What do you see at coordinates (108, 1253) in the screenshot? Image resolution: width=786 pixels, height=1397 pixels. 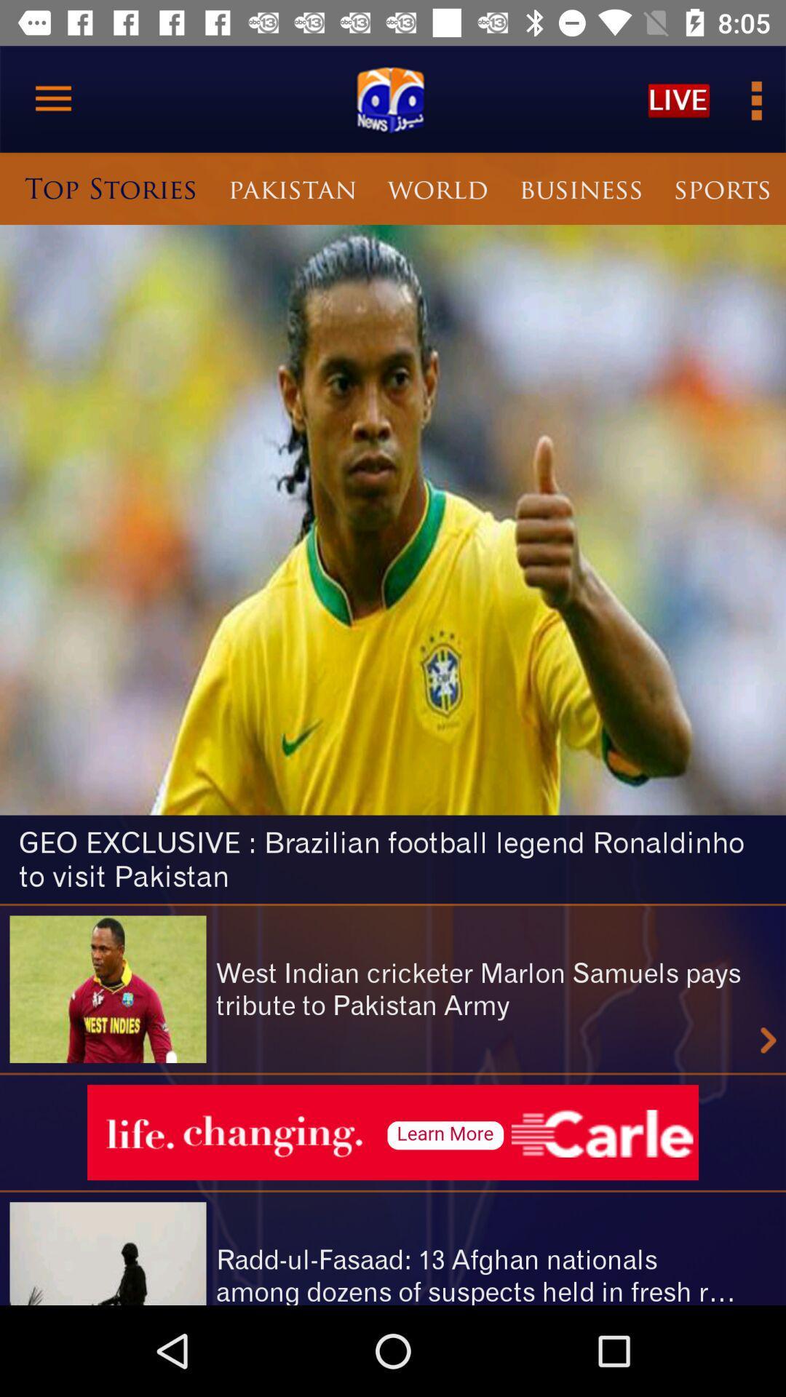 I see `the image at bottom left corner` at bounding box center [108, 1253].